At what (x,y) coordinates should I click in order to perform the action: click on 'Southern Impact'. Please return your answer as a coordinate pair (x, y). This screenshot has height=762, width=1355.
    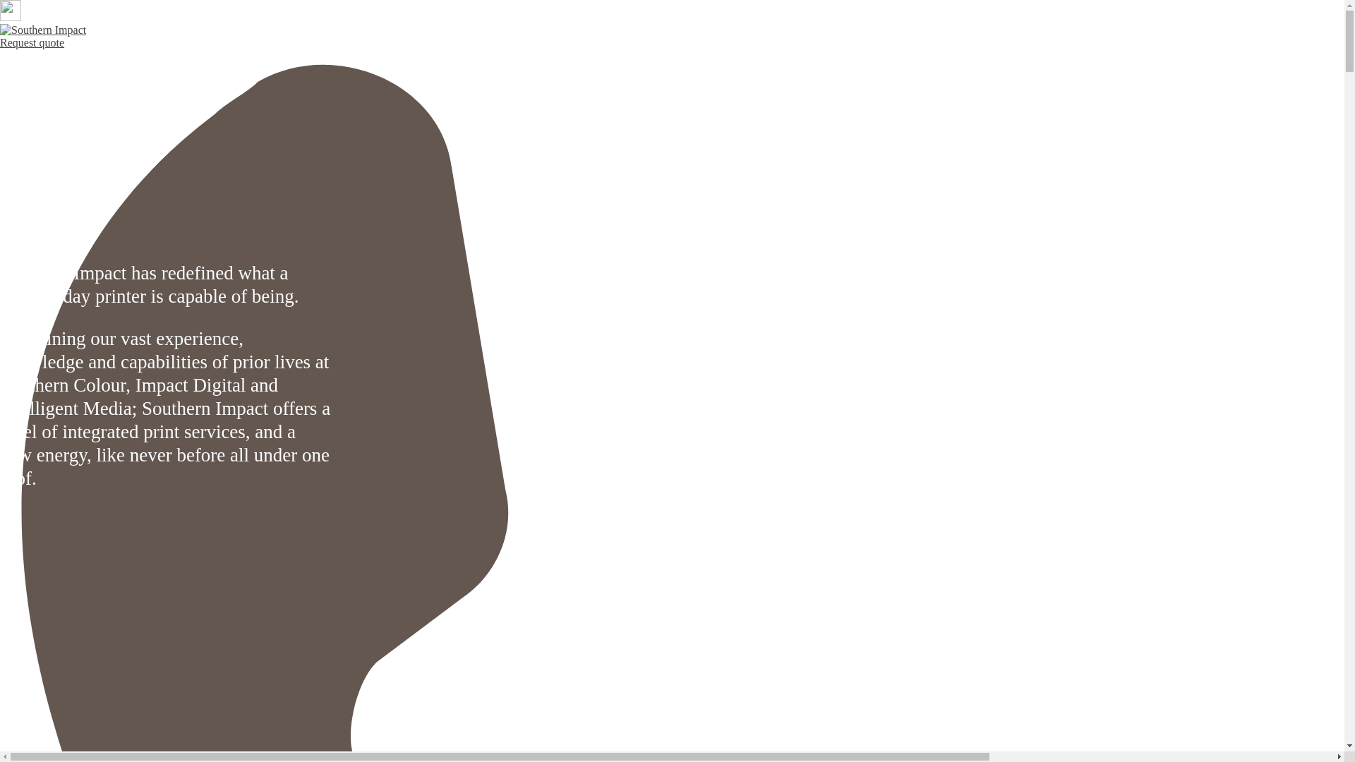
    Looking at the image, I should click on (43, 30).